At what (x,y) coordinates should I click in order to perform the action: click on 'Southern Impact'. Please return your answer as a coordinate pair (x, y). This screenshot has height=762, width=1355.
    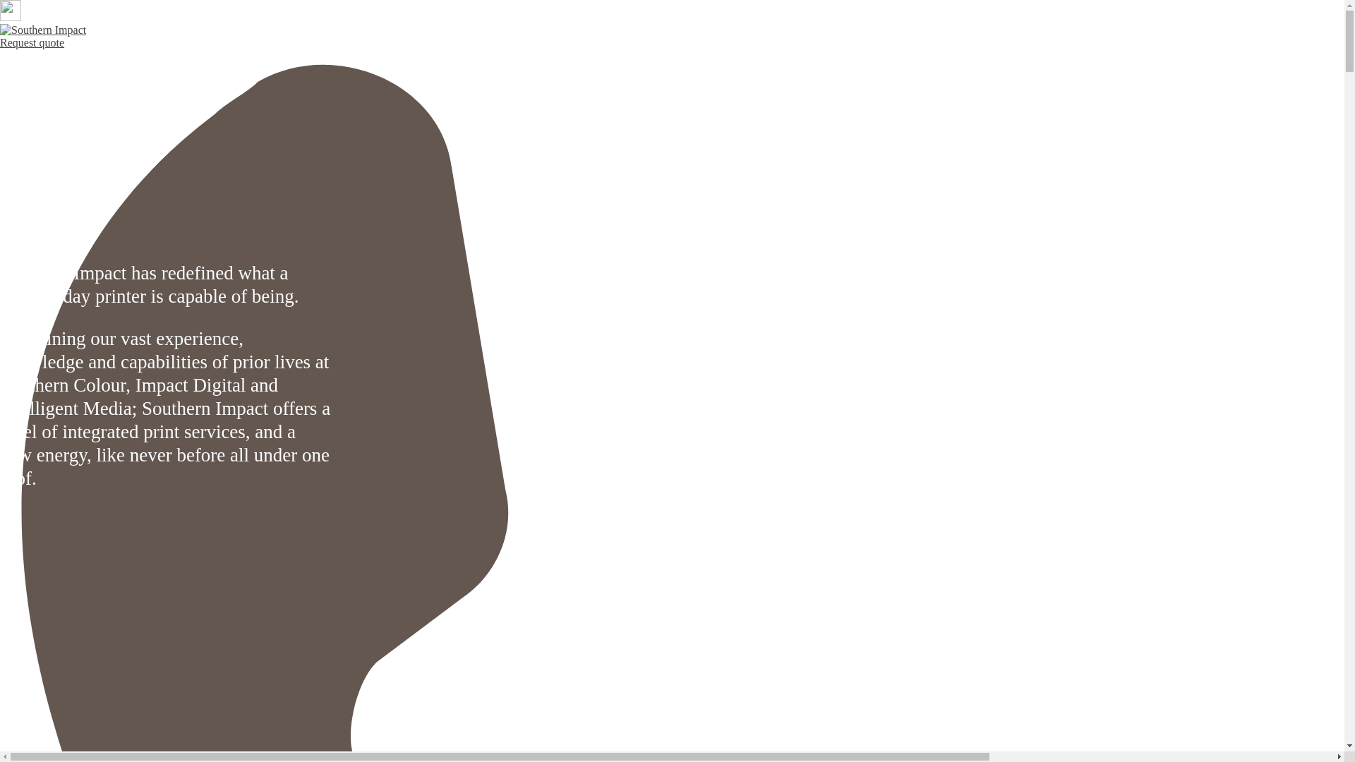
    Looking at the image, I should click on (43, 30).